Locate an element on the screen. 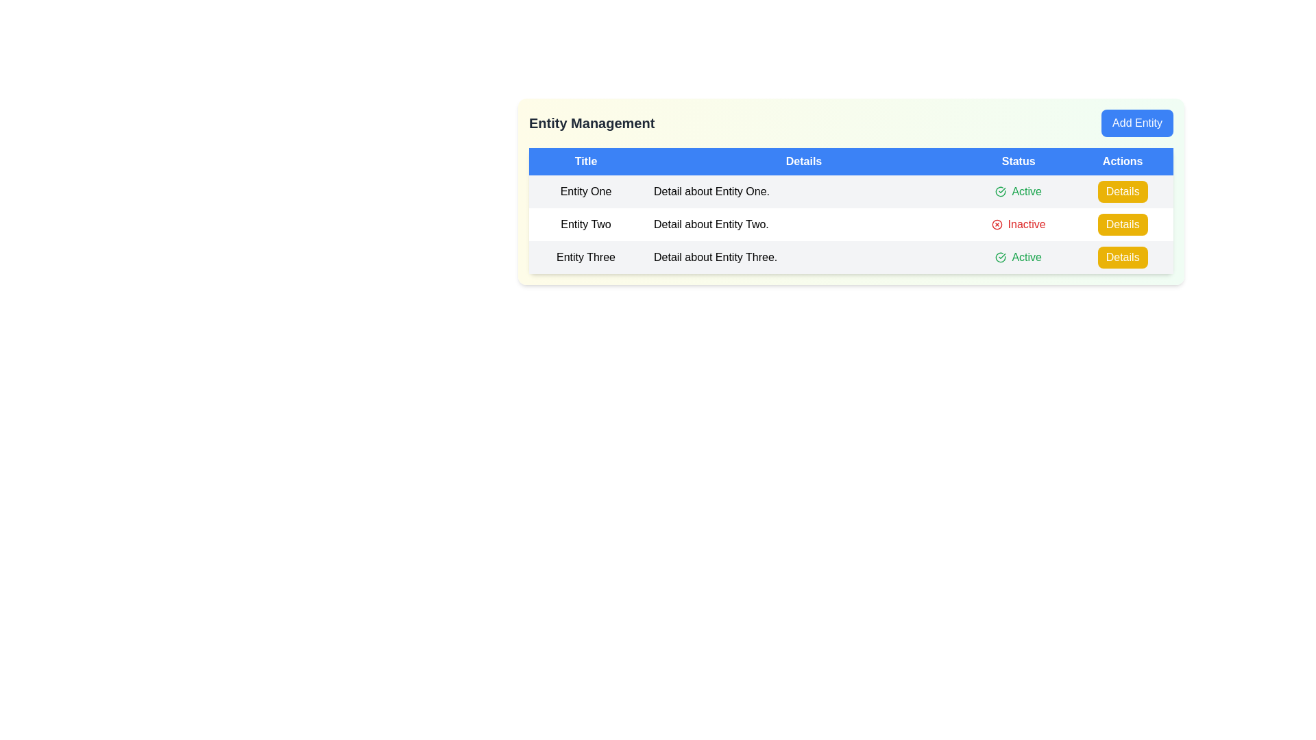  the first column header of the table that labels the entities, positioned at the top-left adjacent to the 'Details' column is located at coordinates (585, 160).